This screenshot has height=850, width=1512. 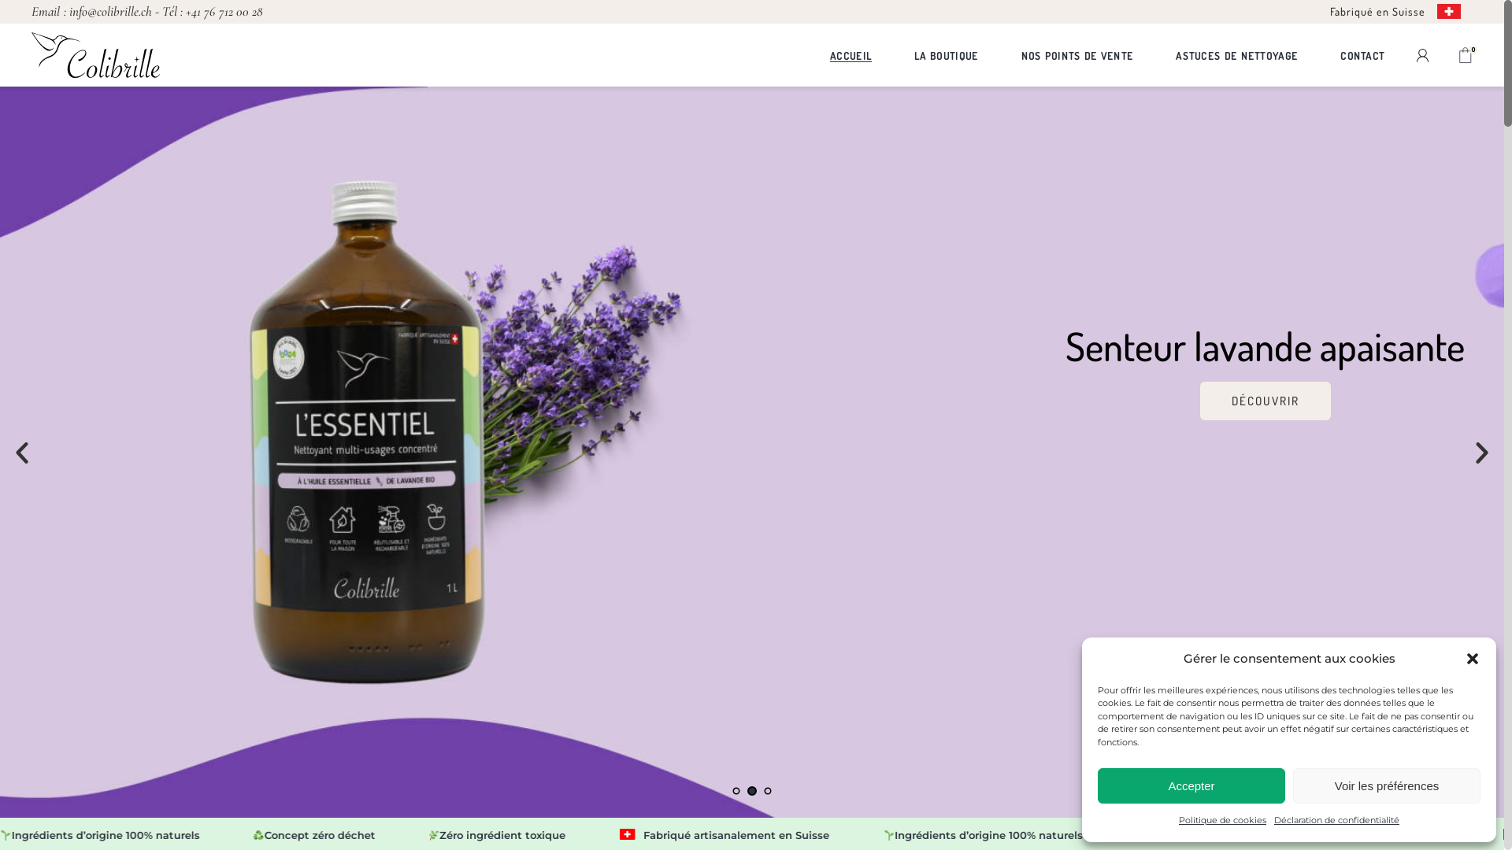 I want to click on 'NOS POINTS DE VENTE', so click(x=1076, y=54).